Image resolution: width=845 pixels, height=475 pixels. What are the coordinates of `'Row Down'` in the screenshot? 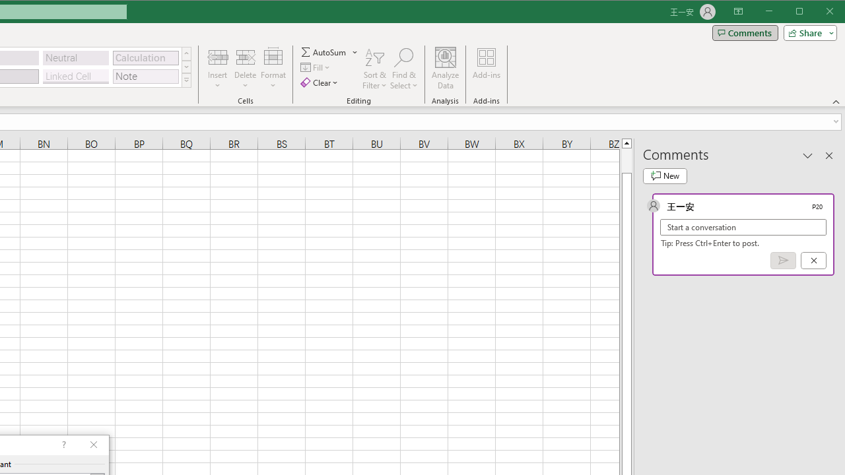 It's located at (186, 67).